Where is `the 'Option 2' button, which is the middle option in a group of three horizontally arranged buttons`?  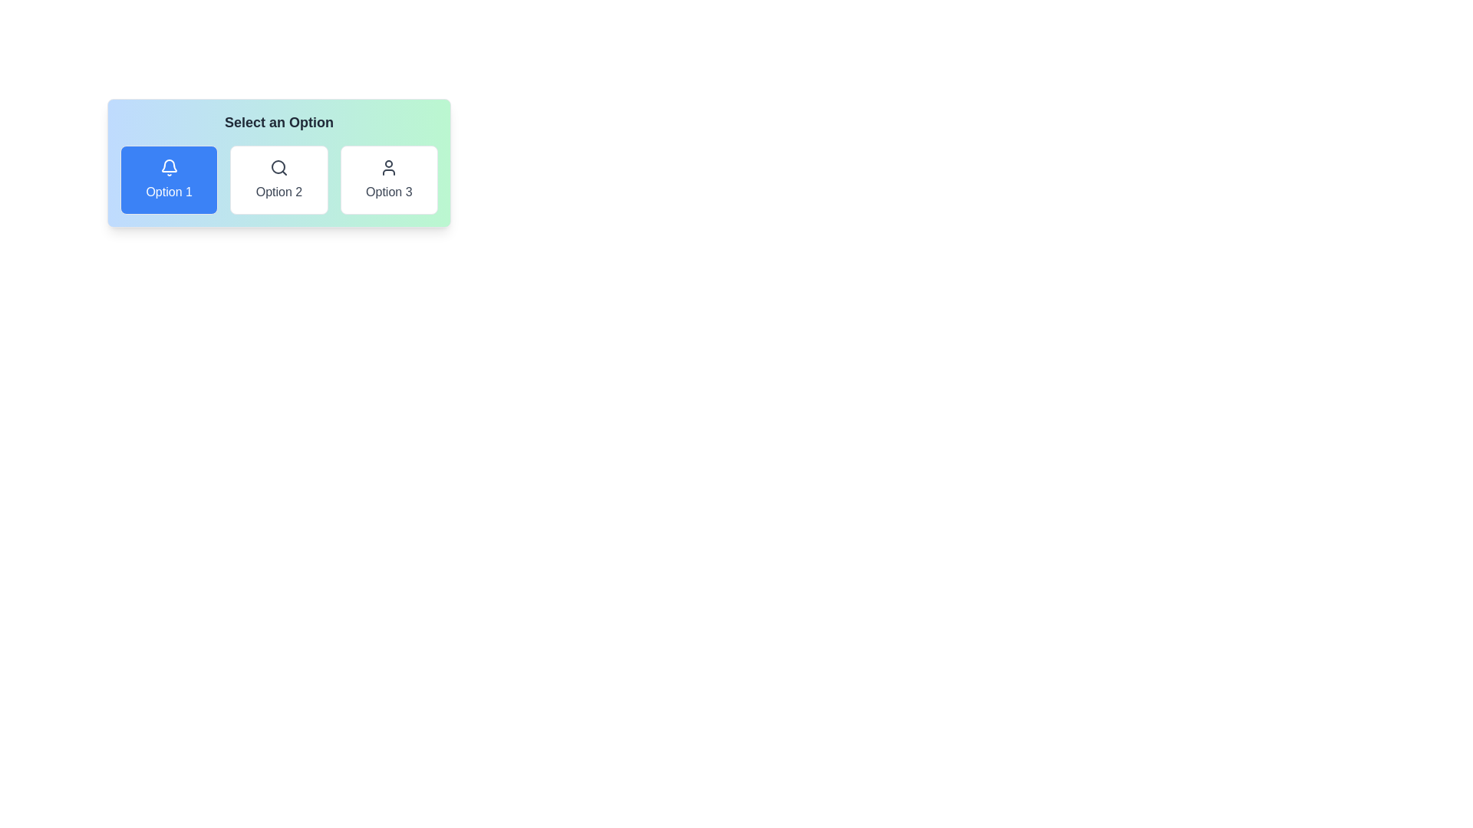 the 'Option 2' button, which is the middle option in a group of three horizontally arranged buttons is located at coordinates (279, 179).